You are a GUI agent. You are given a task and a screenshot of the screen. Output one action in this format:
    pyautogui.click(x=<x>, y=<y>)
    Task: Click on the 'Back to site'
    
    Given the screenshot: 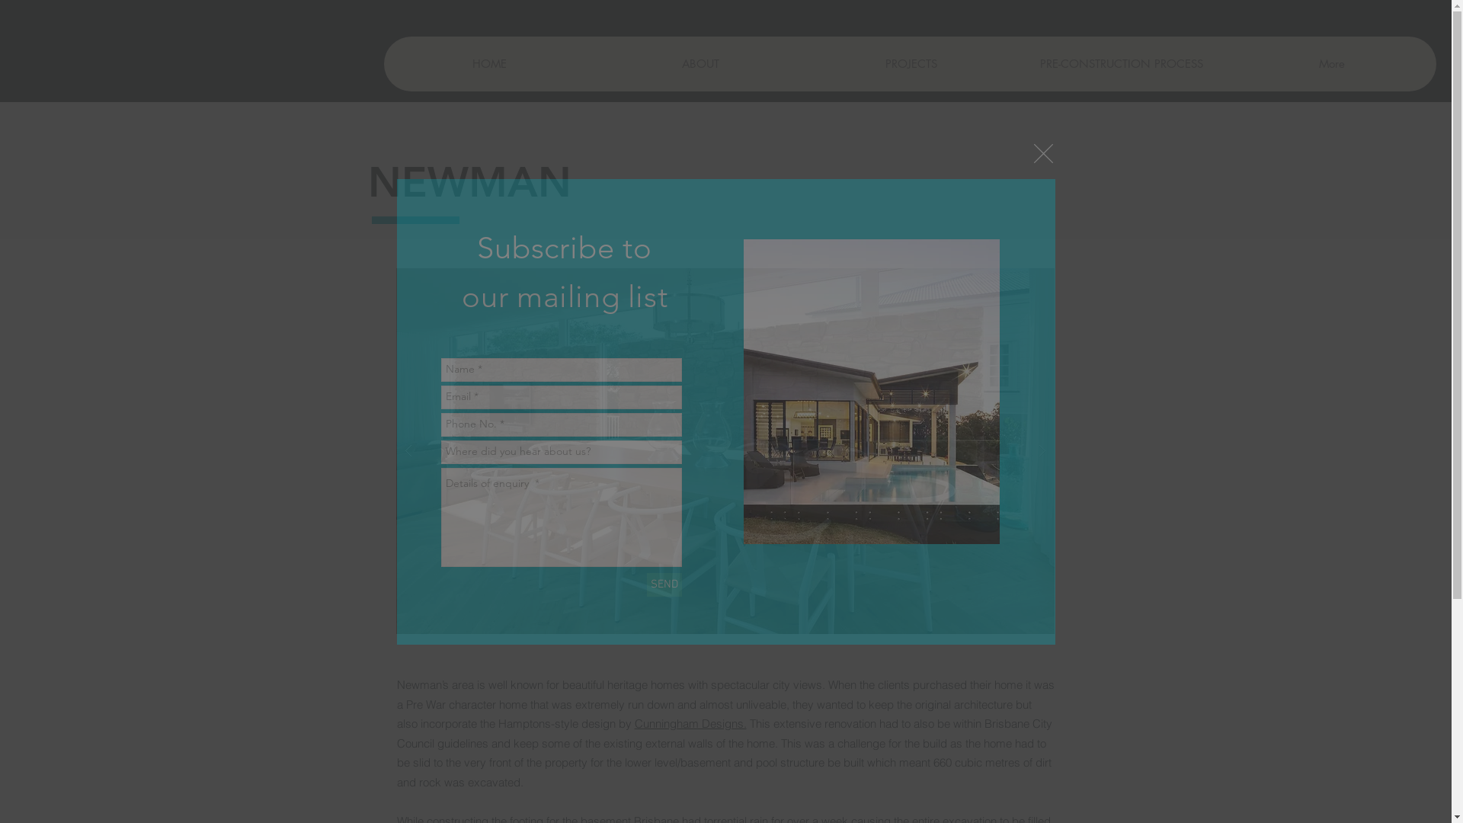 What is the action you would take?
    pyautogui.click(x=1033, y=152)
    